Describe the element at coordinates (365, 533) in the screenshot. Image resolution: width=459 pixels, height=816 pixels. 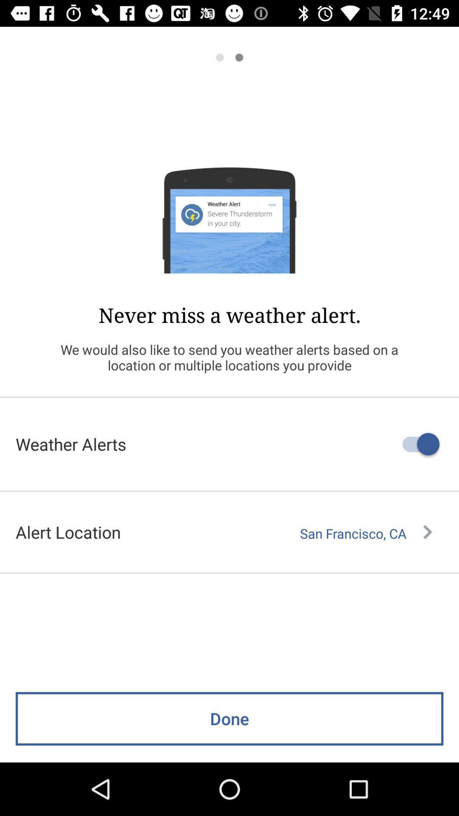
I see `item next to alert location item` at that location.